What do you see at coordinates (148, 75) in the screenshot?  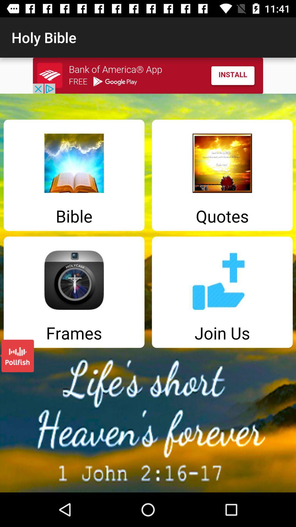 I see `install bank of america app` at bounding box center [148, 75].